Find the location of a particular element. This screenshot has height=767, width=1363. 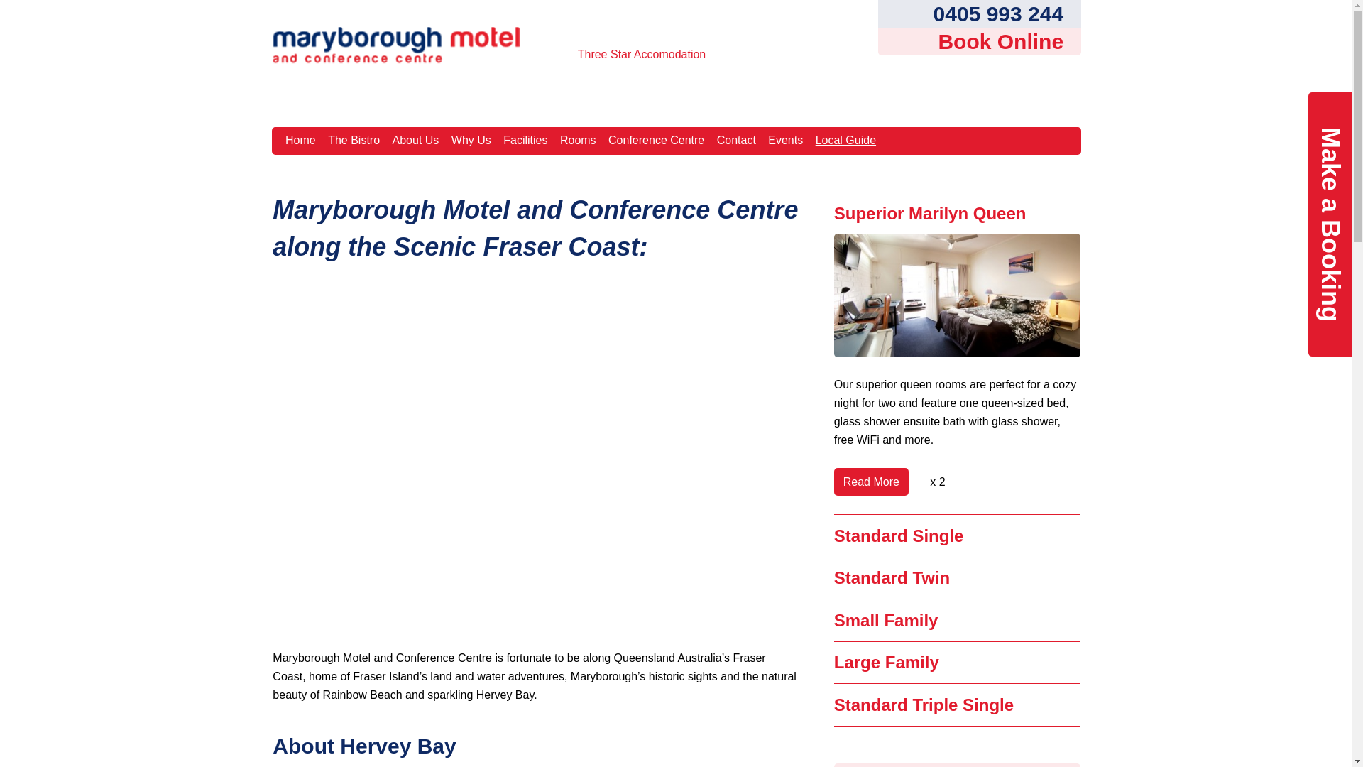

'Why Us' is located at coordinates (471, 141).